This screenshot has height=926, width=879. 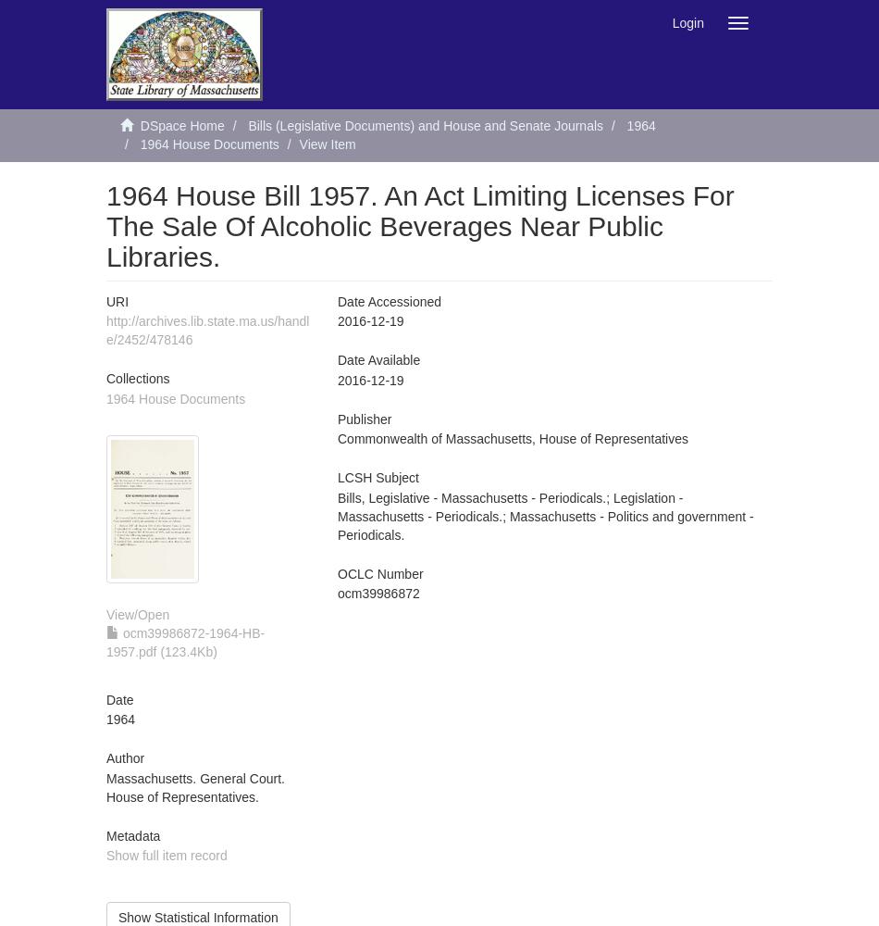 I want to click on 'Collections', so click(x=137, y=379).